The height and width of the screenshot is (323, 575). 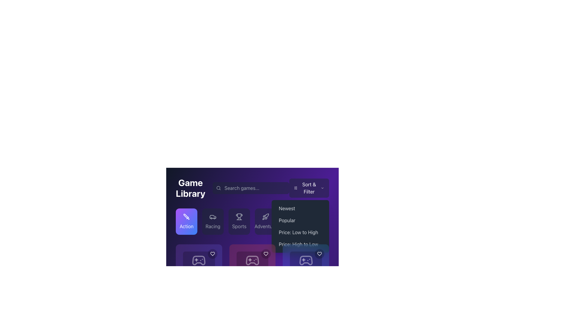 What do you see at coordinates (266, 254) in the screenshot?
I see `the heart-shaped icon outlined in white within a dark circular button located on the right side of the middle game card in the grid layout` at bounding box center [266, 254].